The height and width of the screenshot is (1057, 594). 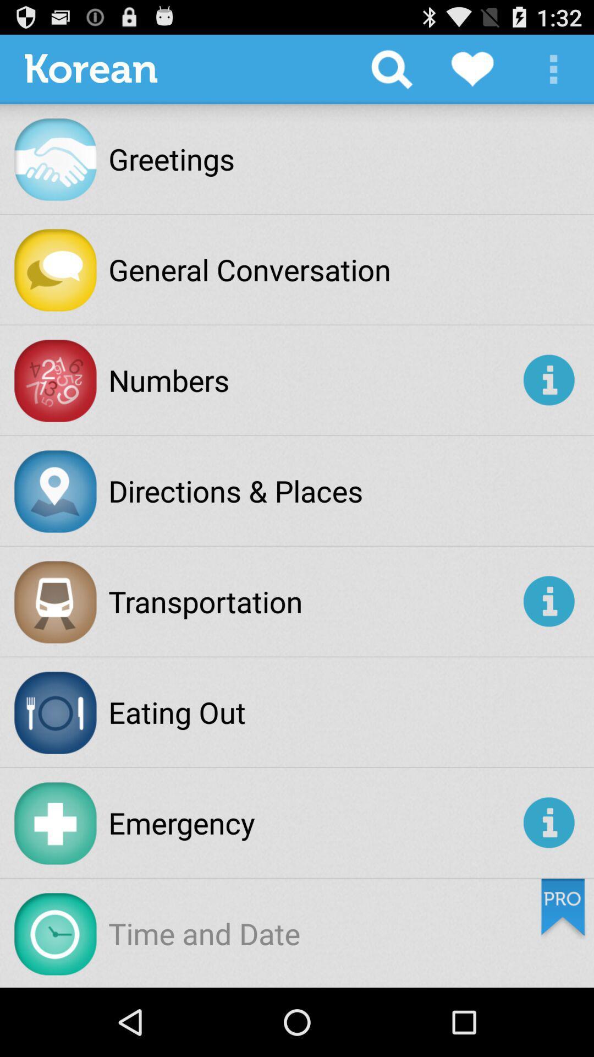 What do you see at coordinates (313, 601) in the screenshot?
I see `transportation` at bounding box center [313, 601].